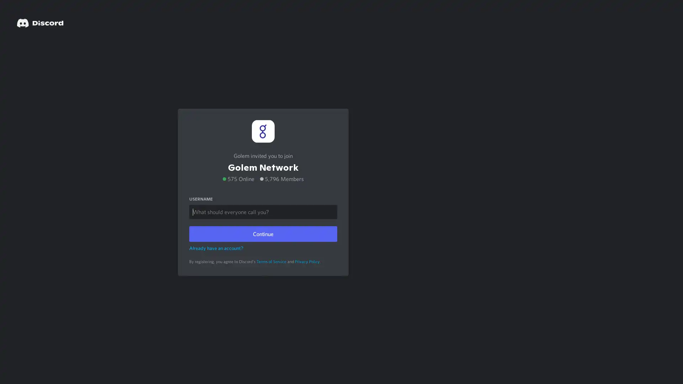 Image resolution: width=683 pixels, height=384 pixels. What do you see at coordinates (263, 233) in the screenshot?
I see `Continue` at bounding box center [263, 233].